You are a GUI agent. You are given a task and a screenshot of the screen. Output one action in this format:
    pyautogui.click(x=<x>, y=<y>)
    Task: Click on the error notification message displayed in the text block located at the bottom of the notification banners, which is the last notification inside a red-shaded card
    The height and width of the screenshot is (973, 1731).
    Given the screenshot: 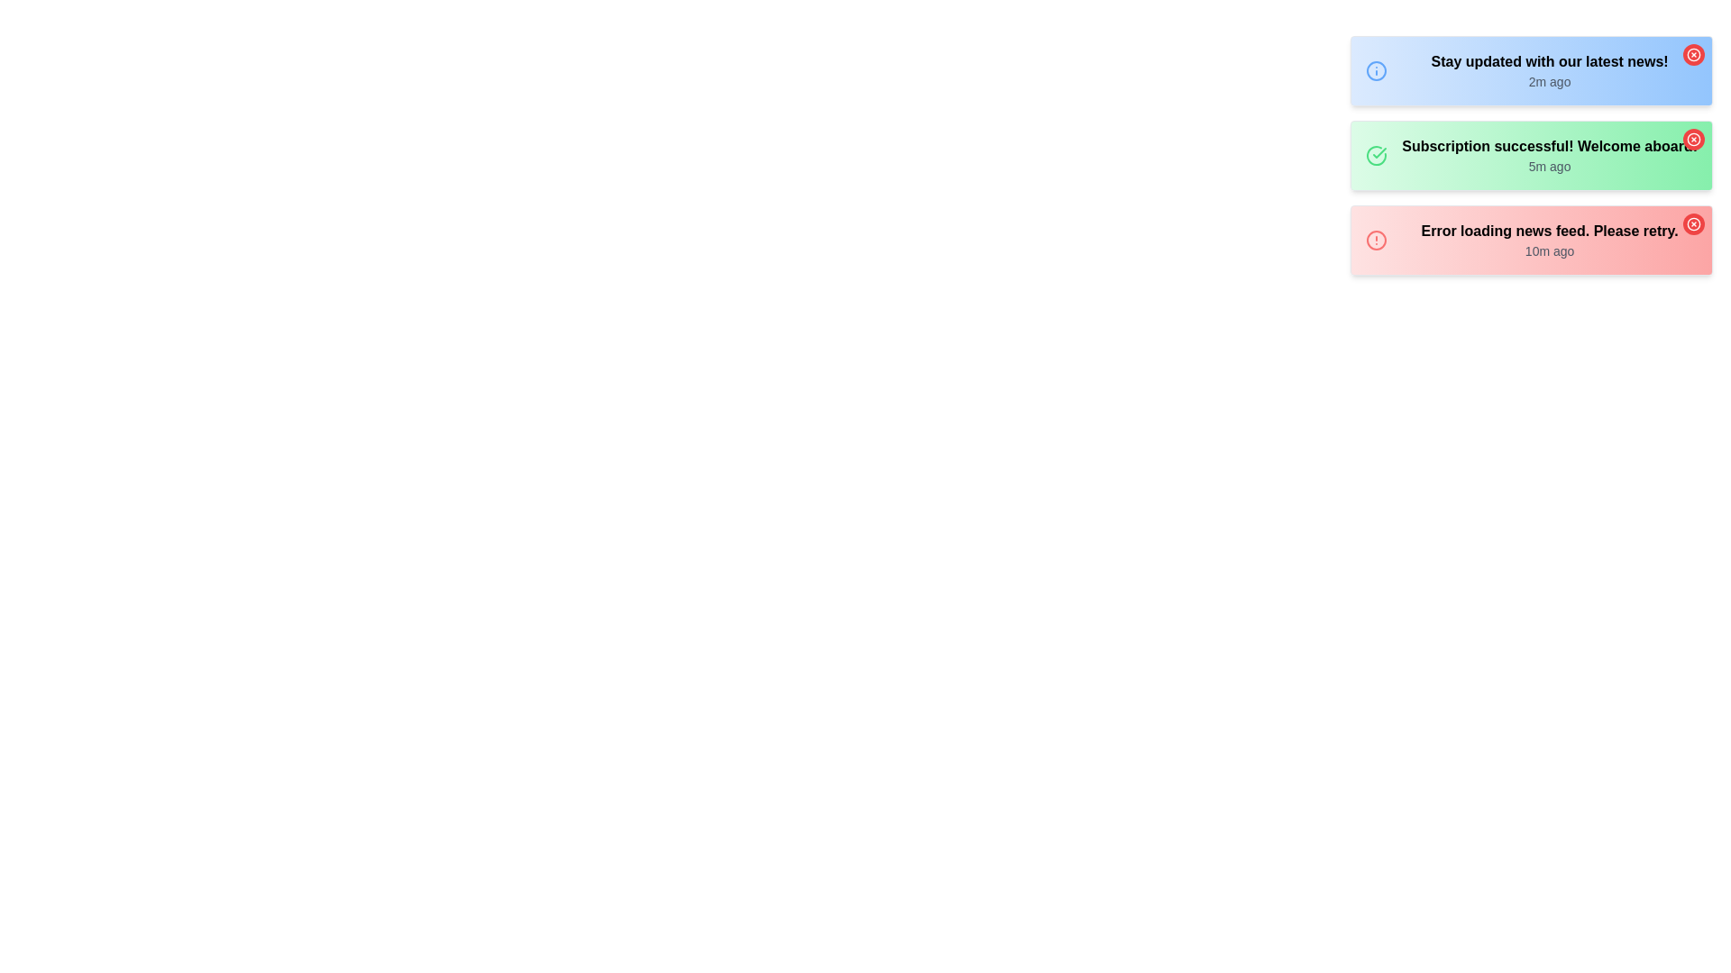 What is the action you would take?
    pyautogui.click(x=1549, y=239)
    